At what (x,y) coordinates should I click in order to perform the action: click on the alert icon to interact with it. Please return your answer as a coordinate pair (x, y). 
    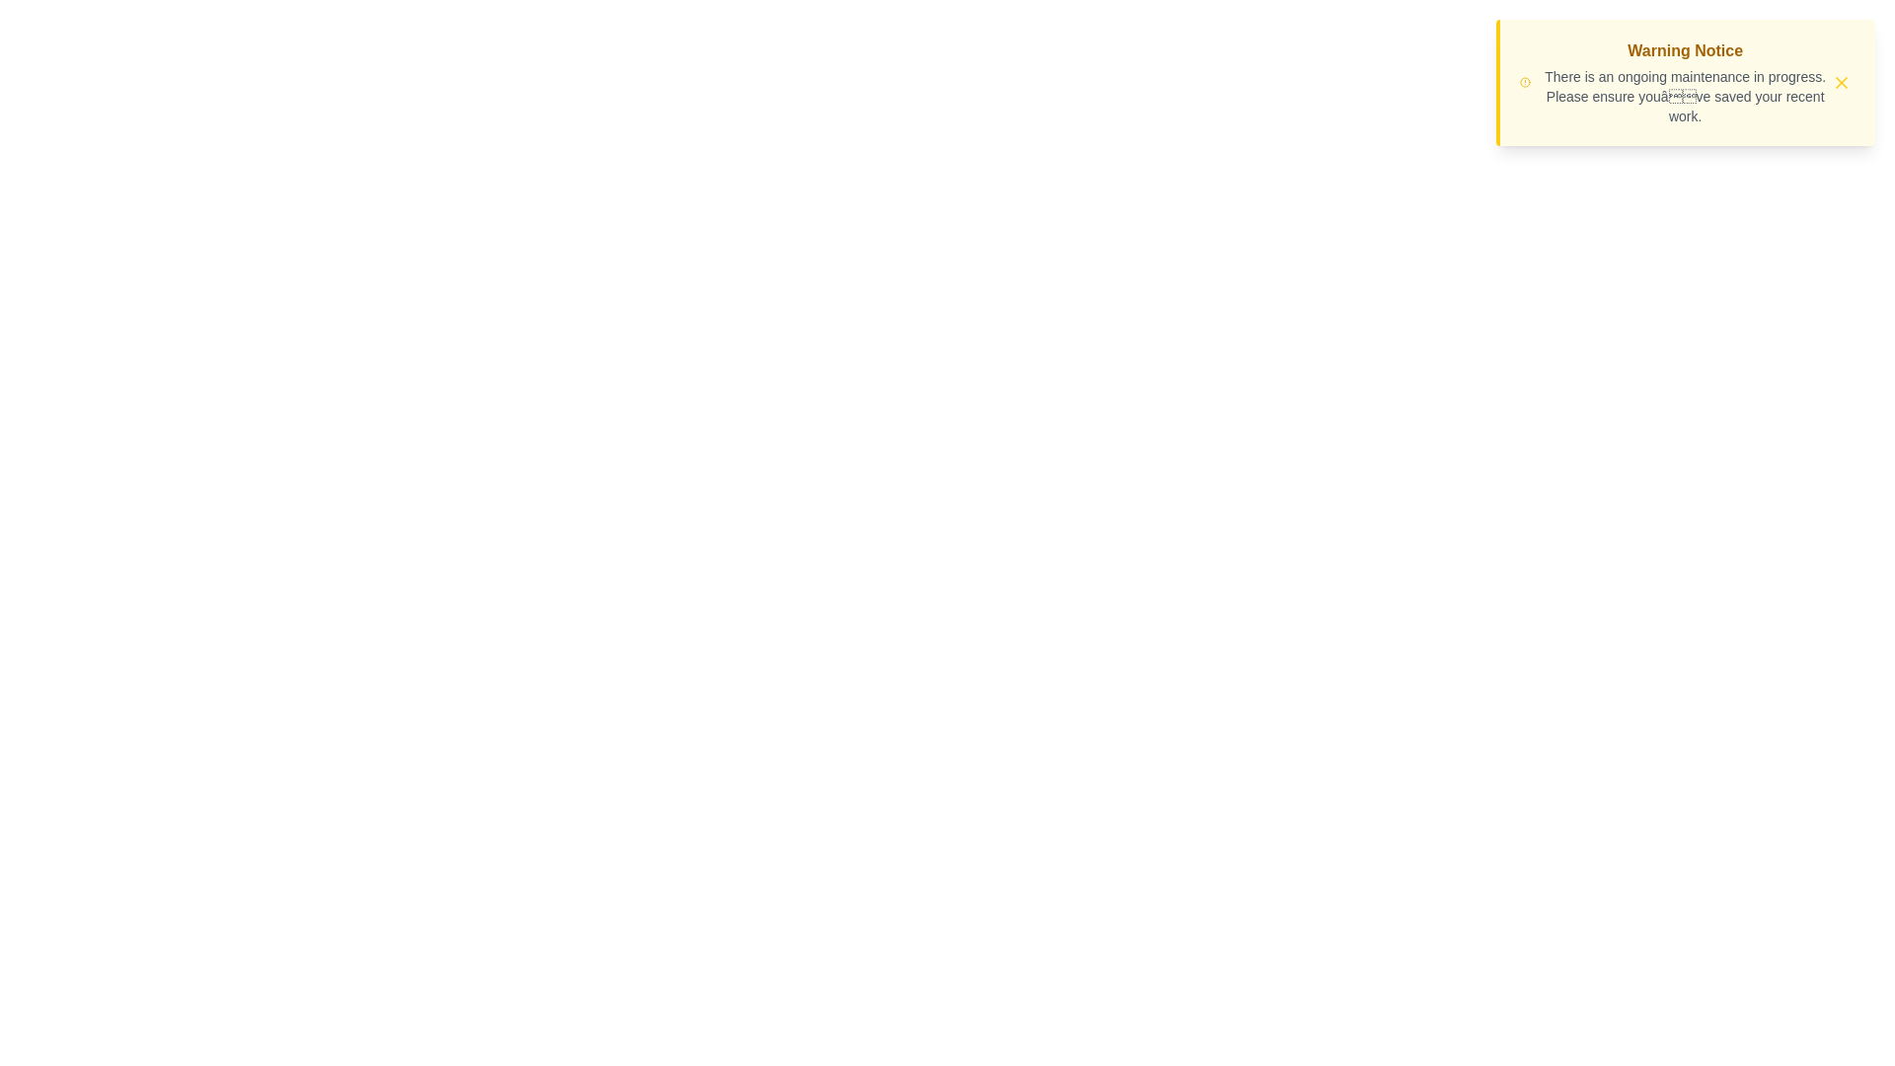
    Looking at the image, I should click on (1524, 82).